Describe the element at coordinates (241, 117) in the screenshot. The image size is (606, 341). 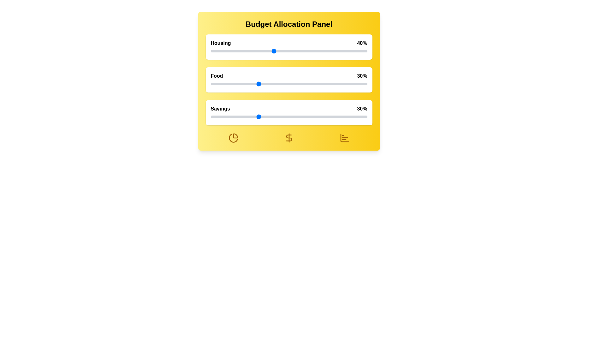
I see `the savings percentage` at that location.